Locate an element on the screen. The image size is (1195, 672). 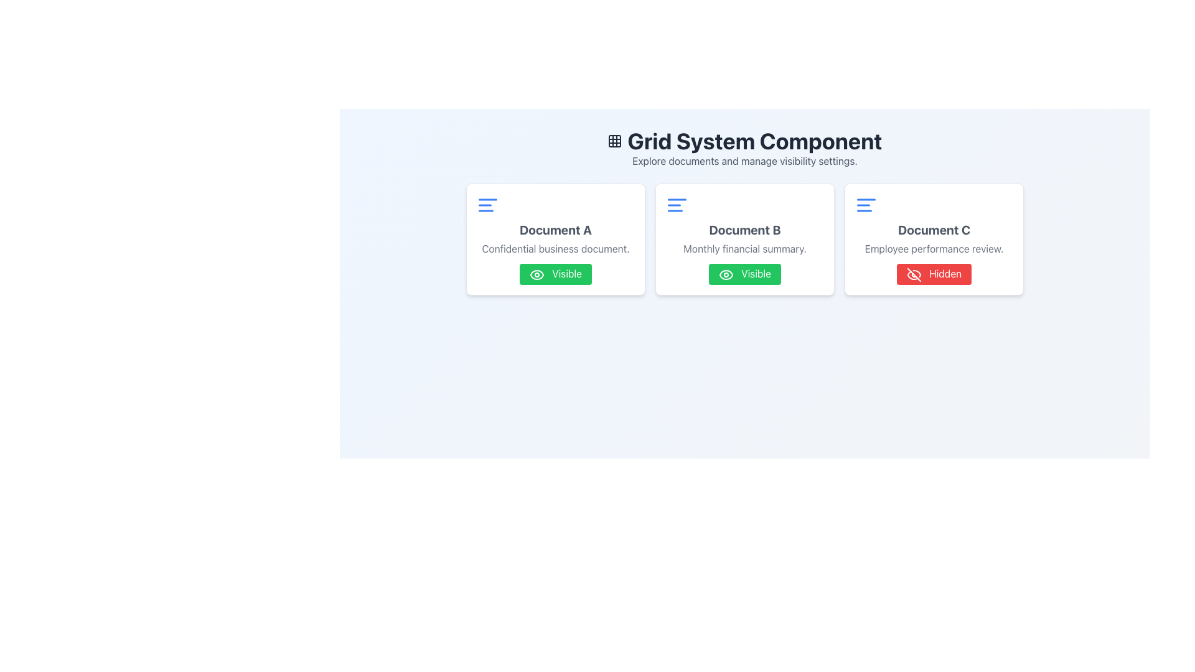
the 'Hidden' icon resembling a crossed-out eye located in the rightmost card titled 'Document C' with the subtitle 'Employee performance review' is located at coordinates (914, 274).